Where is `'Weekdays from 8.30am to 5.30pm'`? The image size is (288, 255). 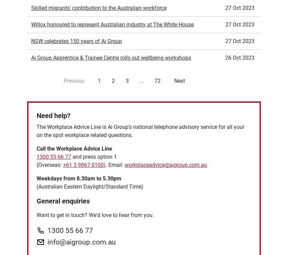 'Weekdays from 8.30am to 5.30pm' is located at coordinates (36, 102).